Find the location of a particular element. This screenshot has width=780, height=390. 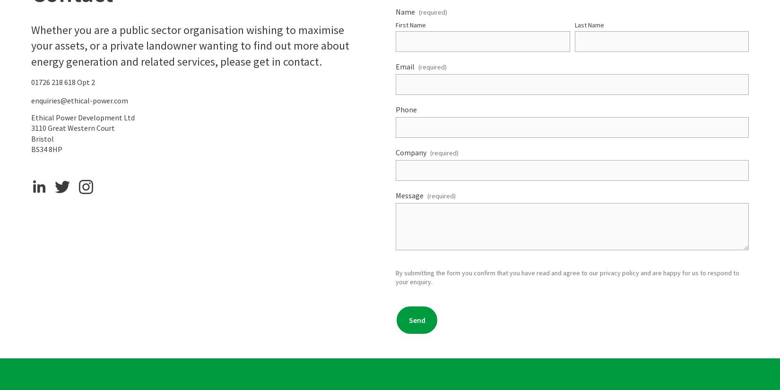

'privacy policy' is located at coordinates (619, 271).